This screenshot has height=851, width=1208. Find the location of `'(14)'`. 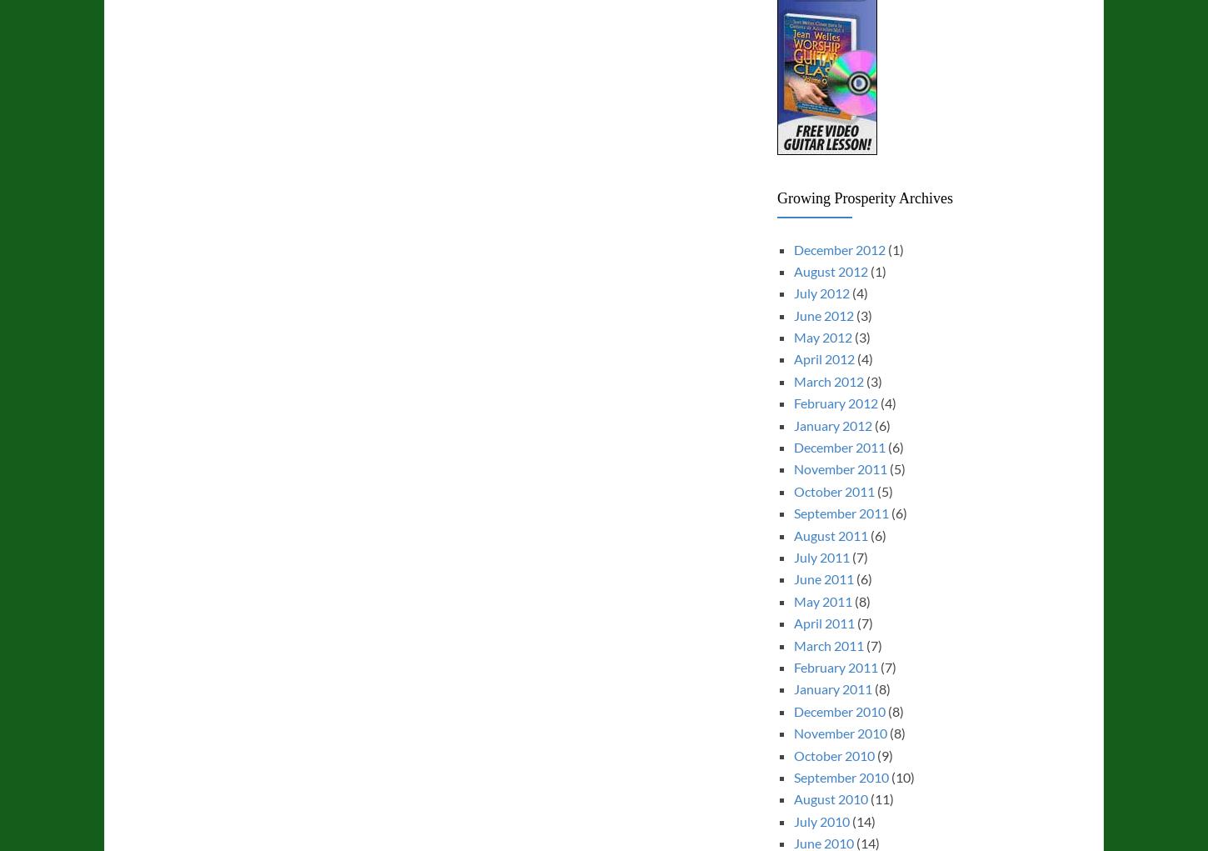

'(14)' is located at coordinates (861, 820).